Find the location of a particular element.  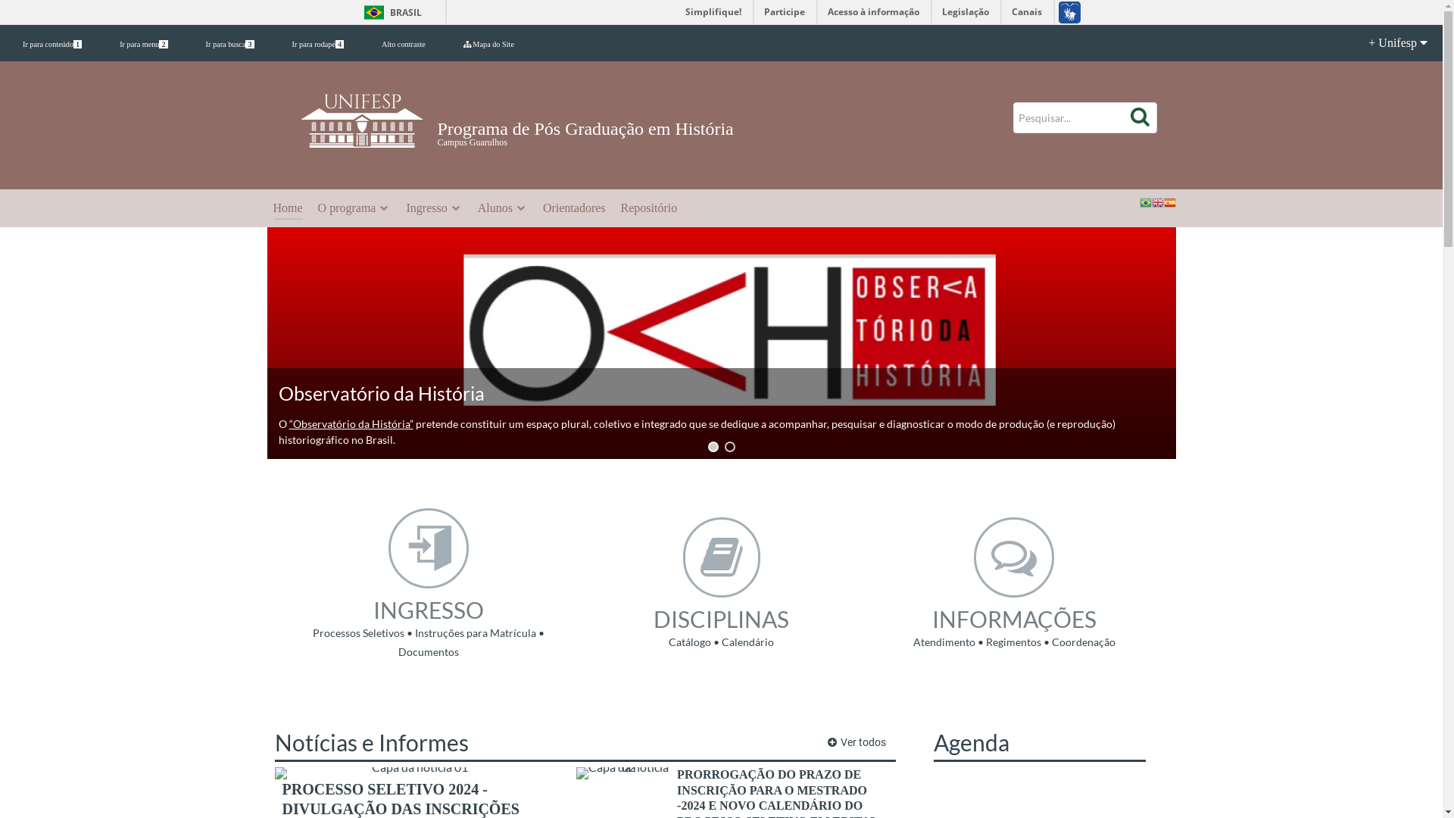

'Ir para busca3' is located at coordinates (229, 43).